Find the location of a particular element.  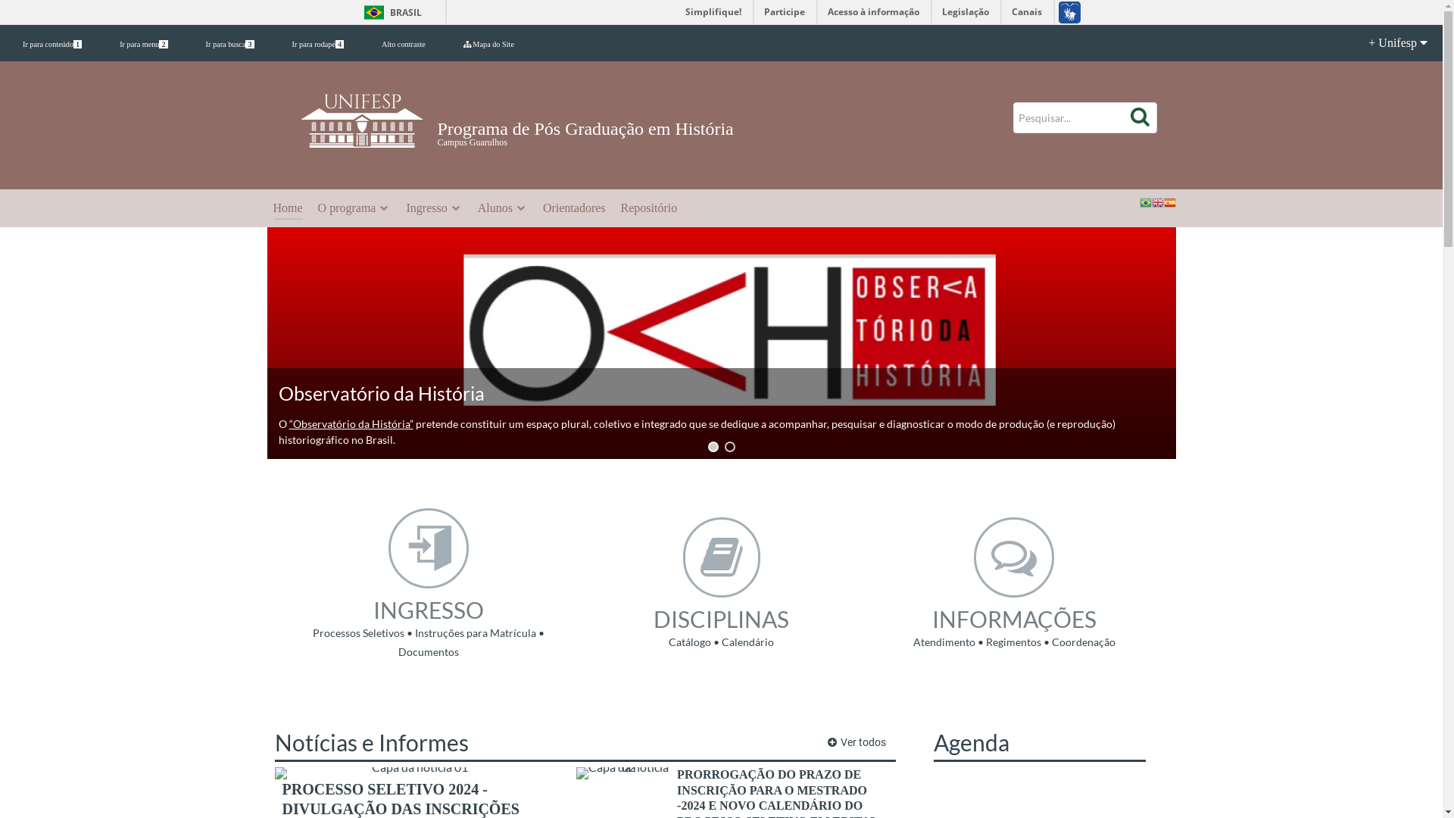

'Ir para busca3' is located at coordinates (229, 43).